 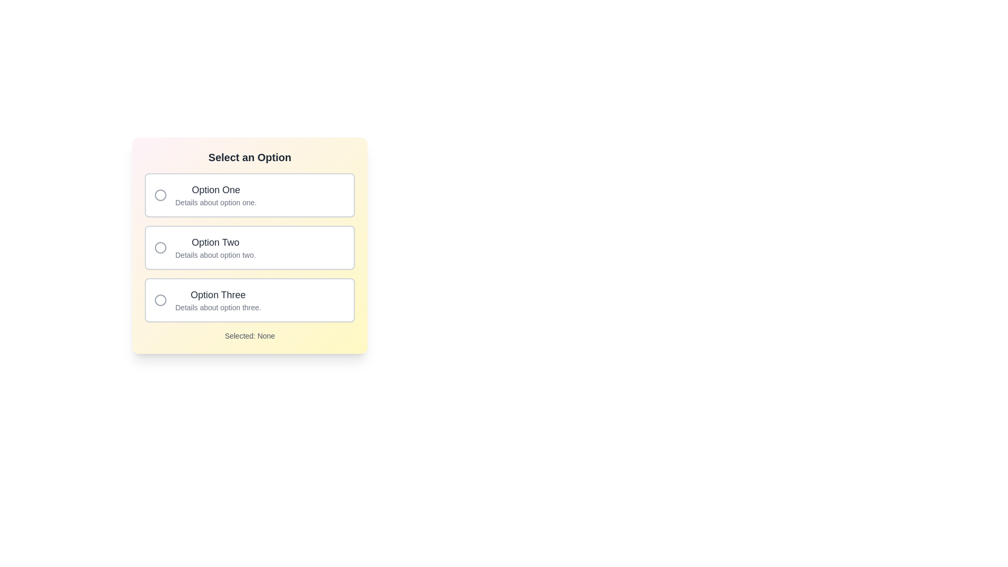 What do you see at coordinates (215, 243) in the screenshot?
I see `displayed text of the Text Label that serves as a title or heading, located between 'Option One' and 'Option Three' in the second selectable option group` at bounding box center [215, 243].